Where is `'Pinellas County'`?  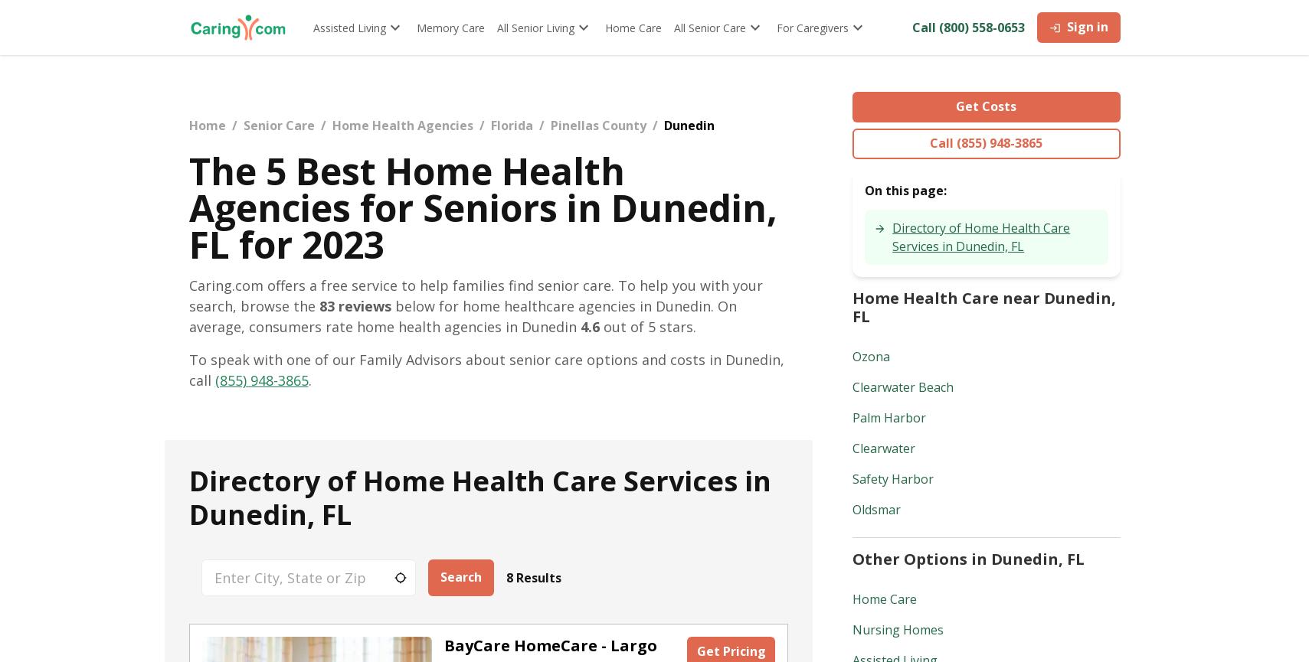
'Pinellas County' is located at coordinates (597, 125).